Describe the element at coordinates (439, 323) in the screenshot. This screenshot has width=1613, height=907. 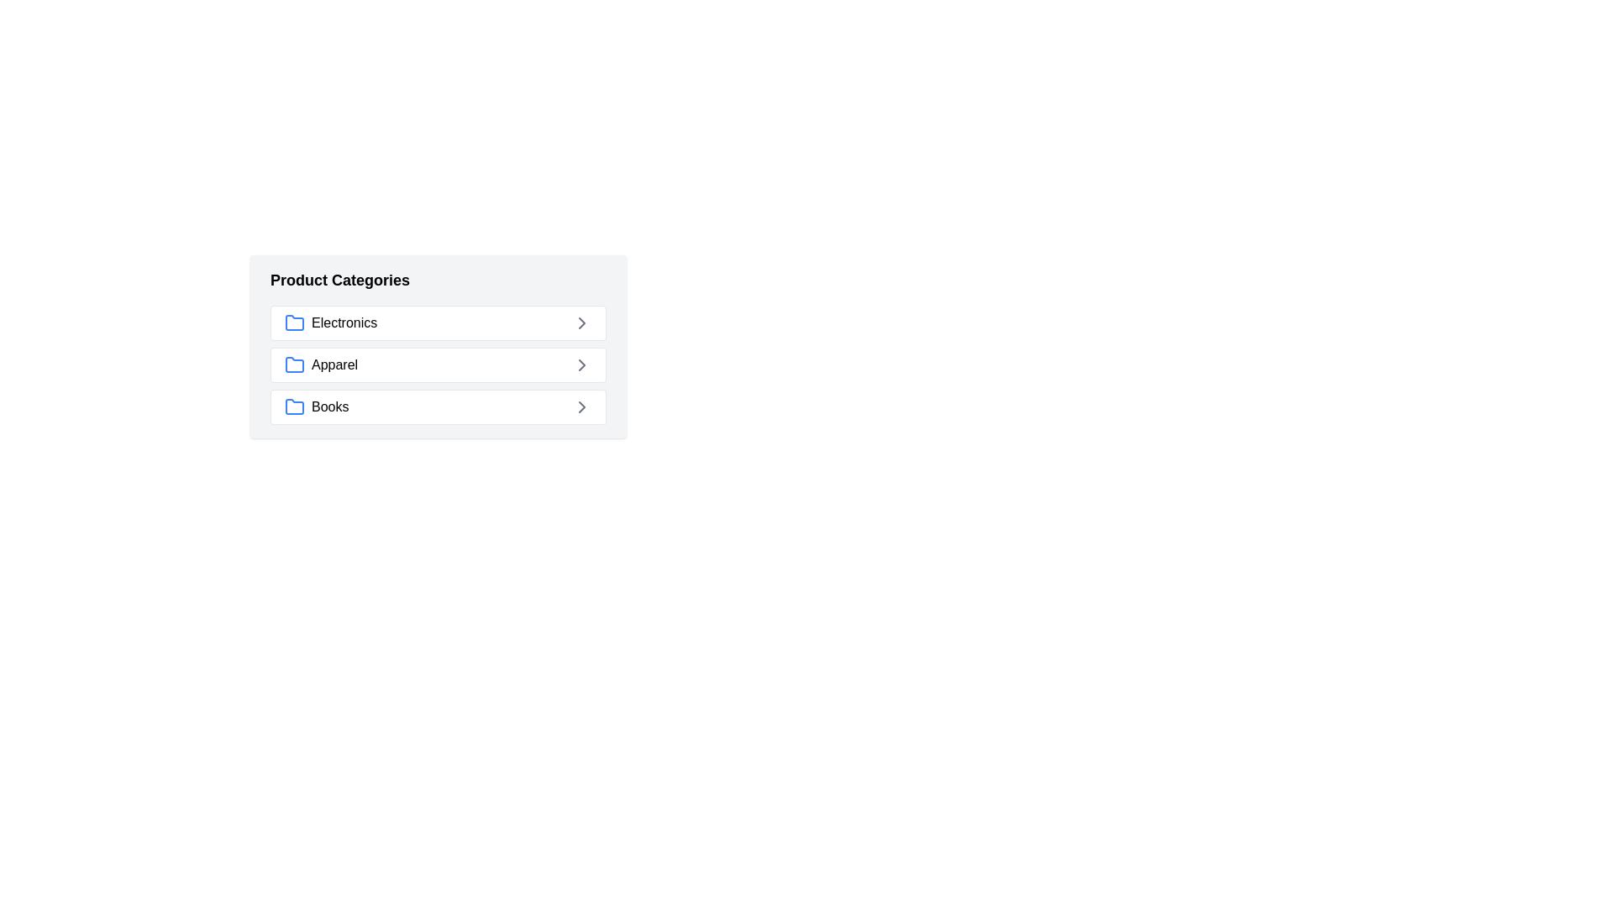
I see `the 'Electronics' category option in the list of product categories` at that location.